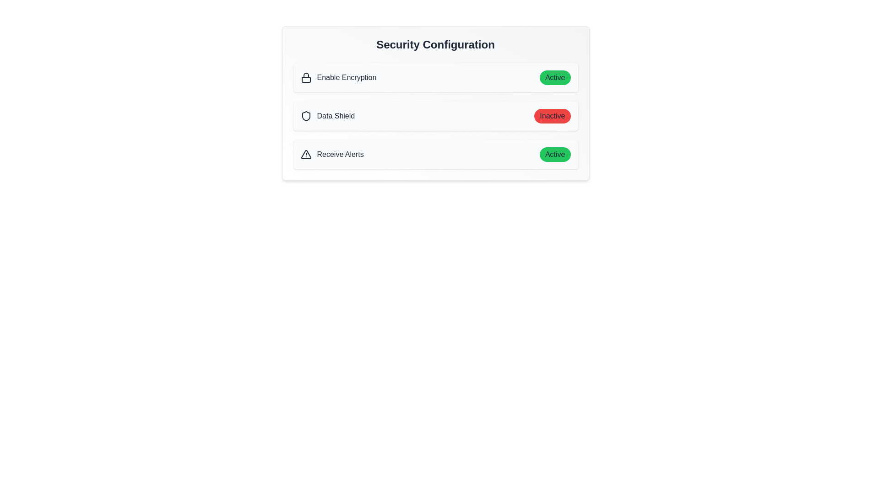 The image size is (879, 494). What do you see at coordinates (340, 154) in the screenshot?
I see `the 'Receive Alerts' text label that identifies the security configuration option, which is positioned in the third item of the list under 'Security Configuration'` at bounding box center [340, 154].